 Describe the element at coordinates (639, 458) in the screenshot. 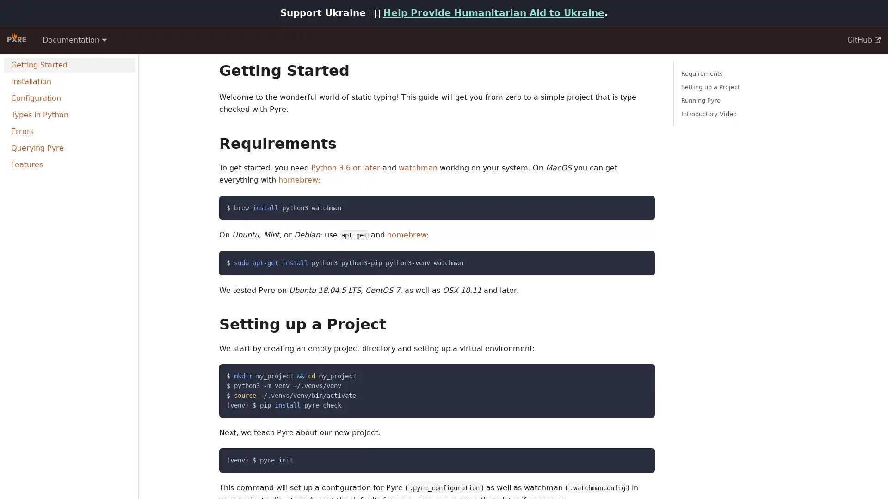

I see `Copy code to clipboard` at that location.